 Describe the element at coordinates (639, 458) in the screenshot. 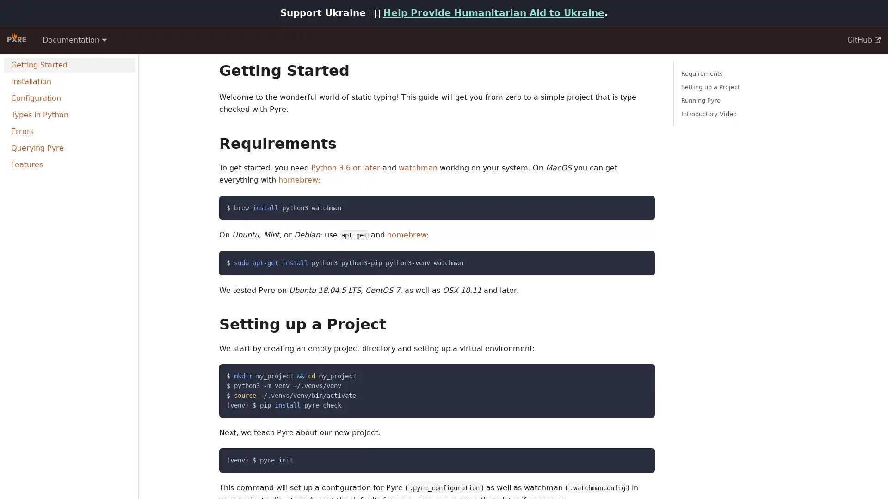

I see `Copy code to clipboard` at that location.